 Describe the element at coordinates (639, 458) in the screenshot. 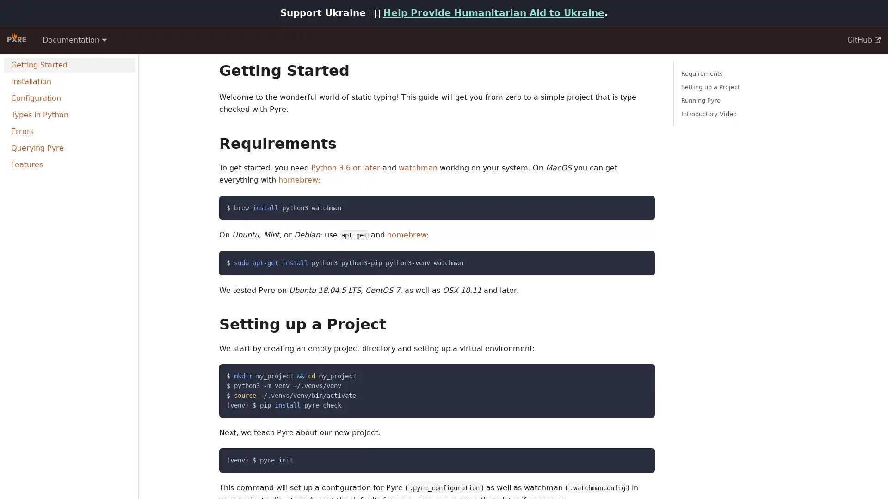

I see `Copy code to clipboard` at that location.